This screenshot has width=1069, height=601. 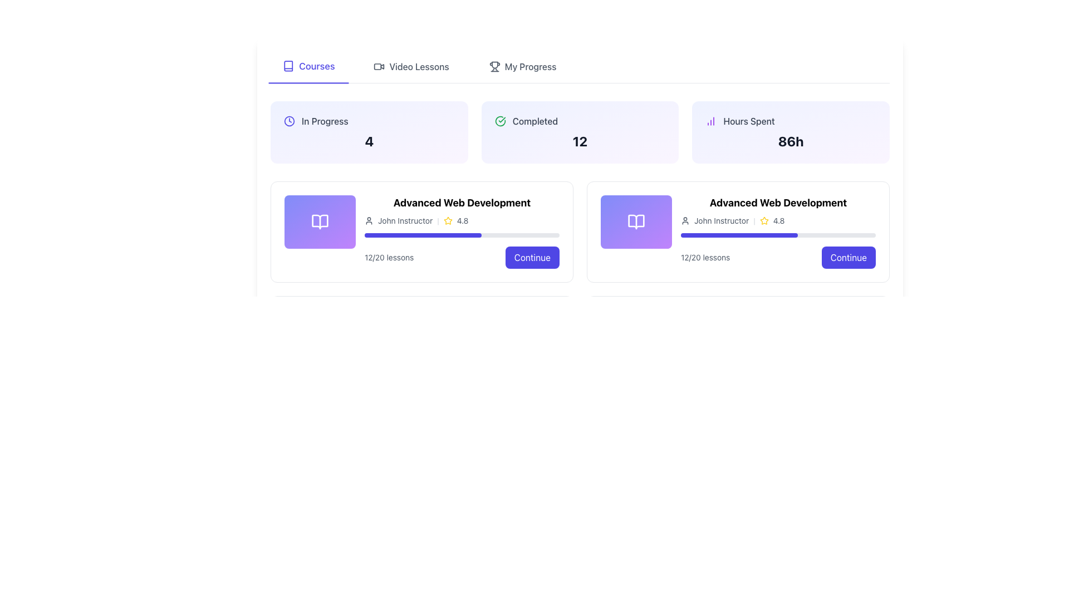 I want to click on the black book icon located in the top navigation bar, which is part of the 'Courses' section, so click(x=288, y=66).